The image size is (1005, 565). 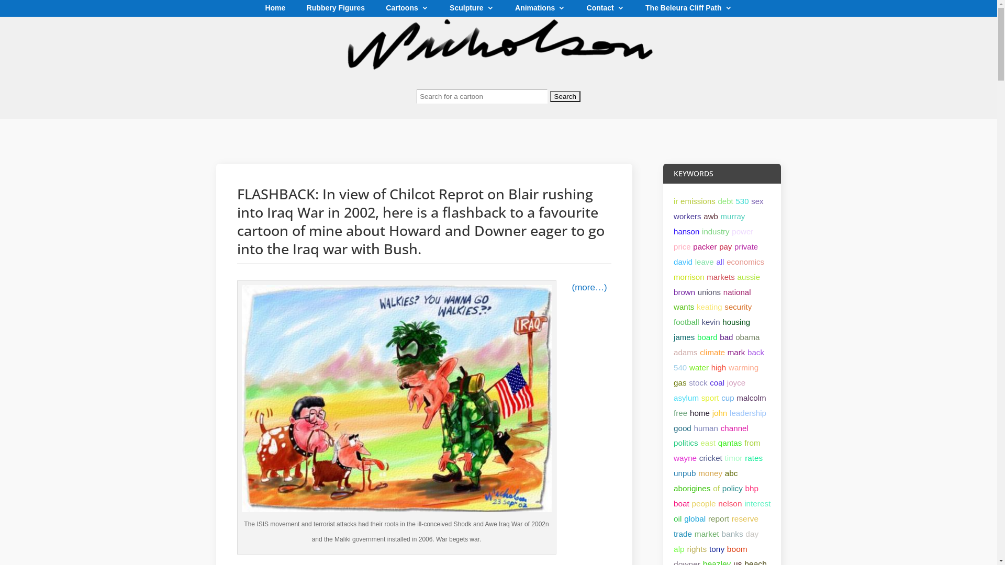 What do you see at coordinates (645, 10) in the screenshot?
I see `'The Beleura Cliff Path'` at bounding box center [645, 10].